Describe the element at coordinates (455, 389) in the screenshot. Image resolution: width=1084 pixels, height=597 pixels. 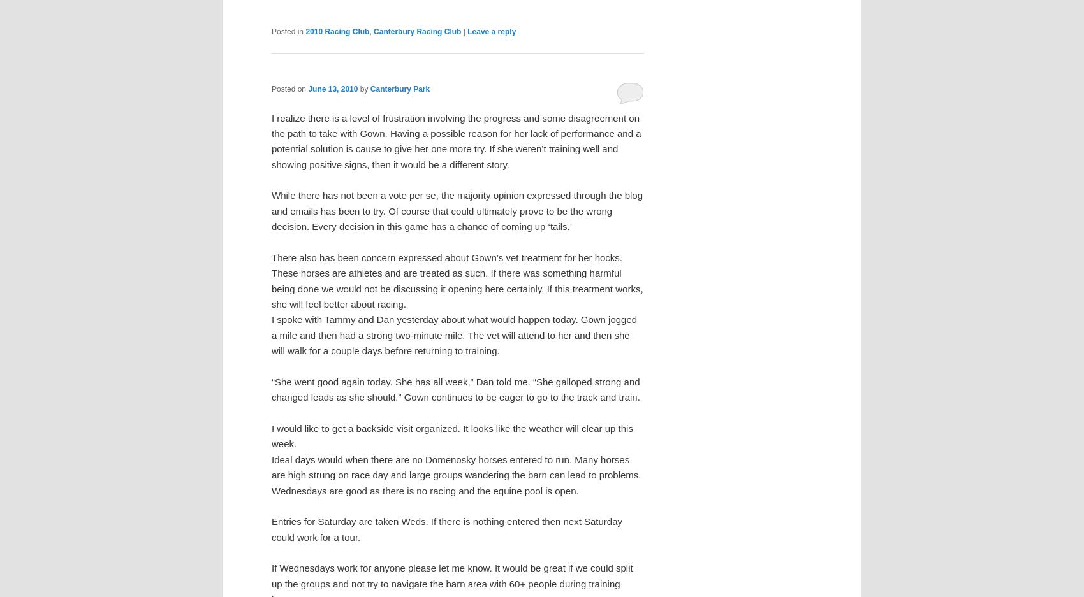
I see `'“She went good again today. She has all week,” Dan told me. “She galloped strong and changed leads as she should.” Gown continues to be eager to go to the track and train.'` at that location.